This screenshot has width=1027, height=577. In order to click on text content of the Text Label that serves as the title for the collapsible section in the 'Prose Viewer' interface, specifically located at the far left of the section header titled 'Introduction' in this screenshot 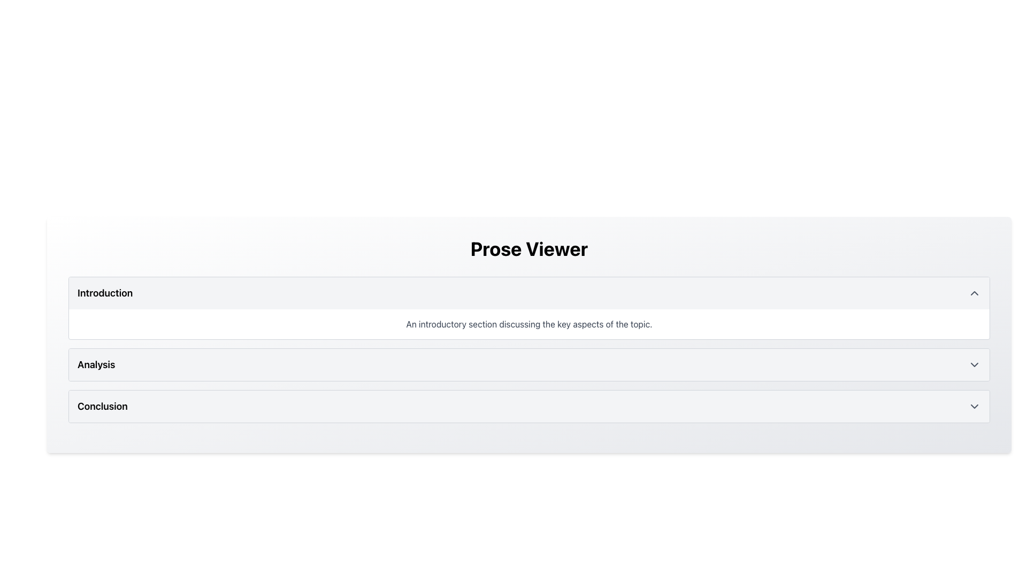, I will do `click(105, 293)`.